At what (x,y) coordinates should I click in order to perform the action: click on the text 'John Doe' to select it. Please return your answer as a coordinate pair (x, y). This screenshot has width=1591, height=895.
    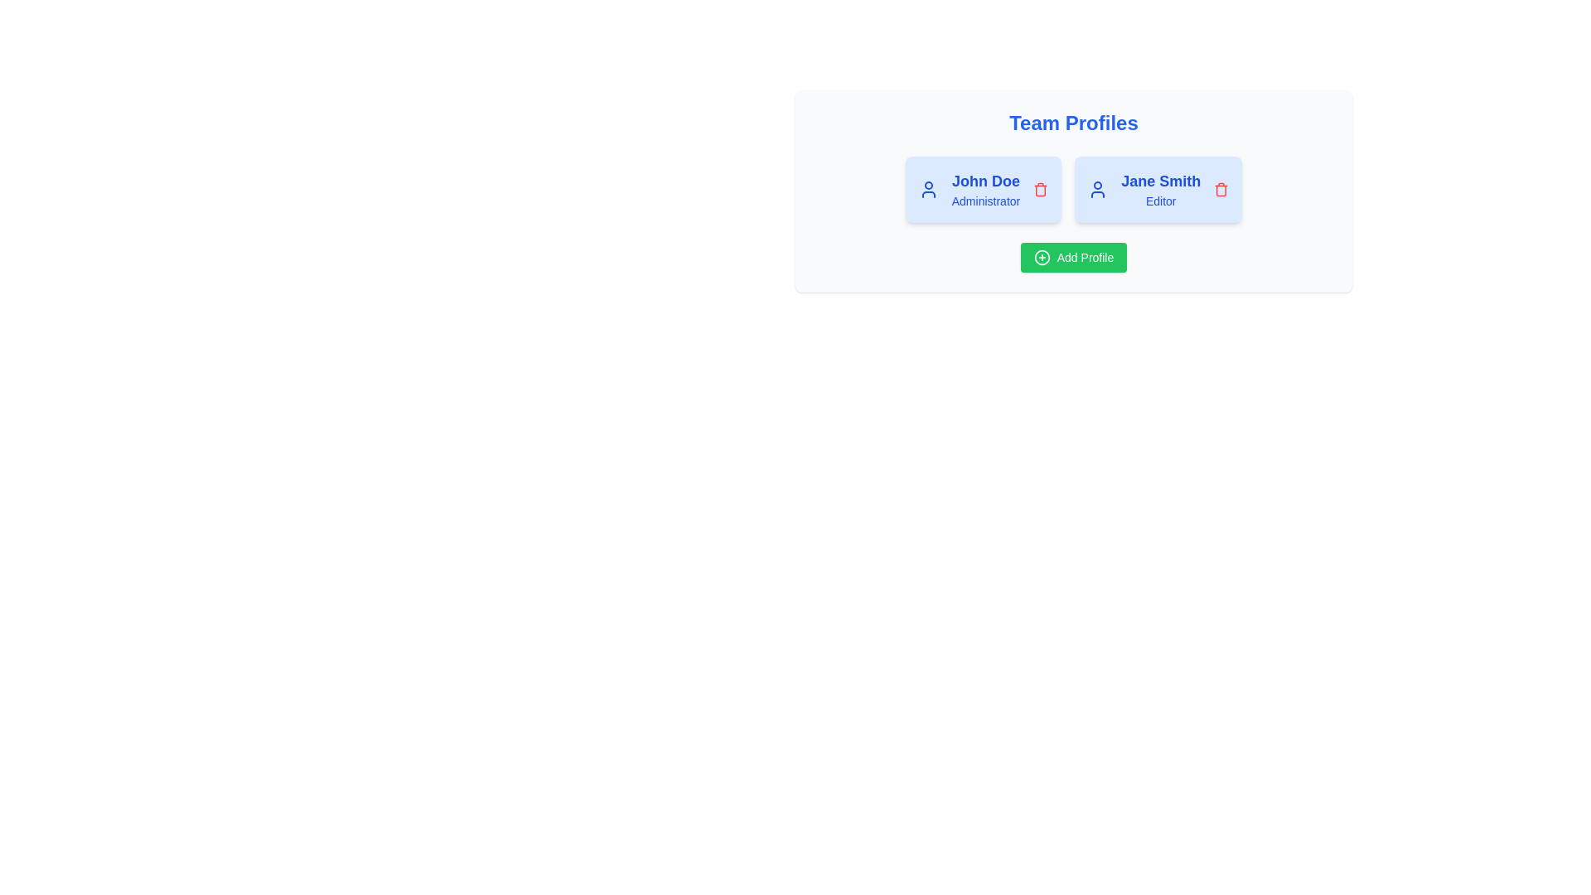
    Looking at the image, I should click on (986, 181).